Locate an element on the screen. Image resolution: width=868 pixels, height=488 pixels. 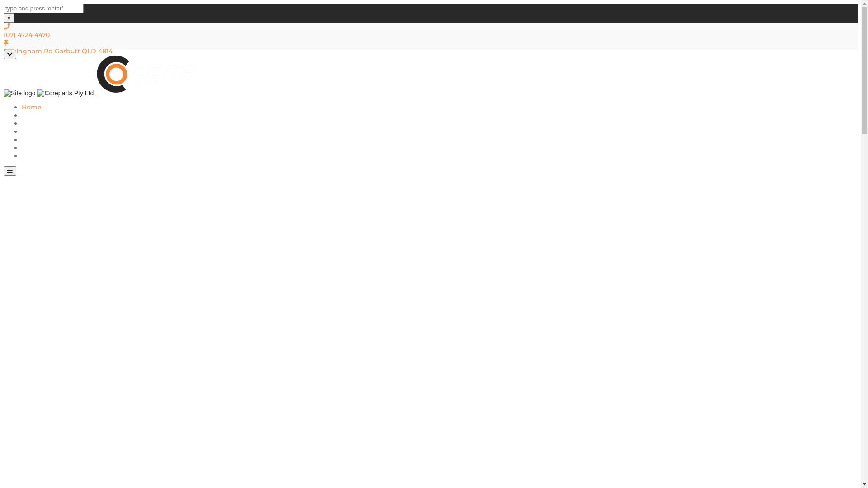
'Surplus Parts' is located at coordinates (22, 147).